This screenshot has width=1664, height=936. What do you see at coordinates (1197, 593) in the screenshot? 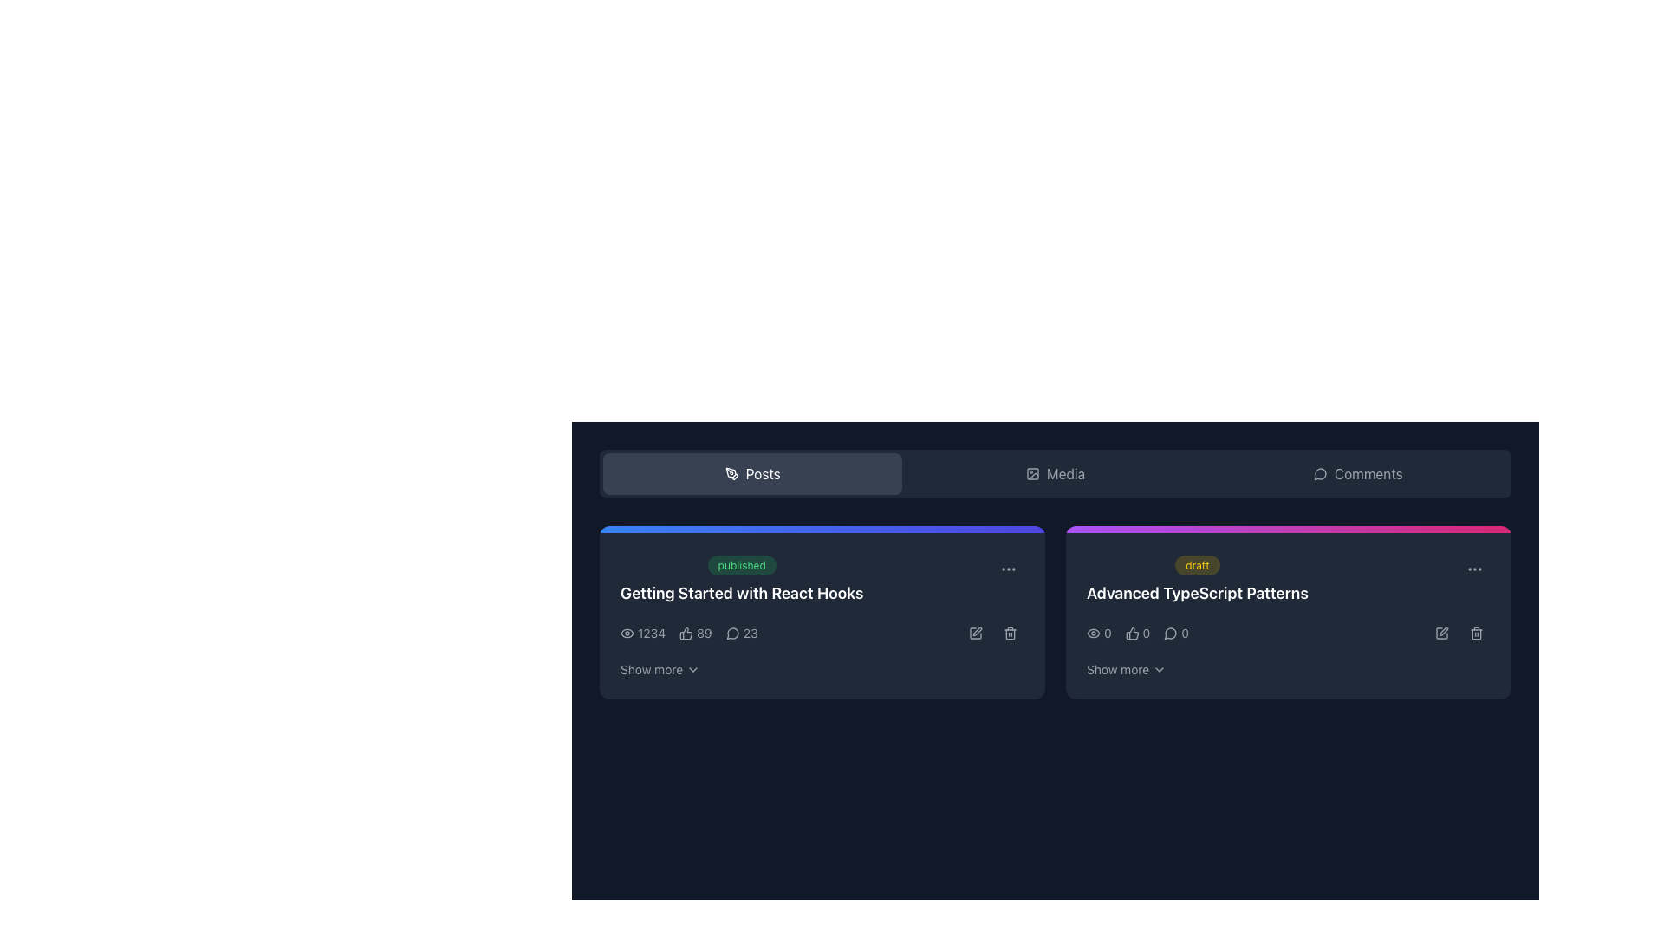
I see `the text label 'Advanced TypeScript Patterns'` at bounding box center [1197, 593].